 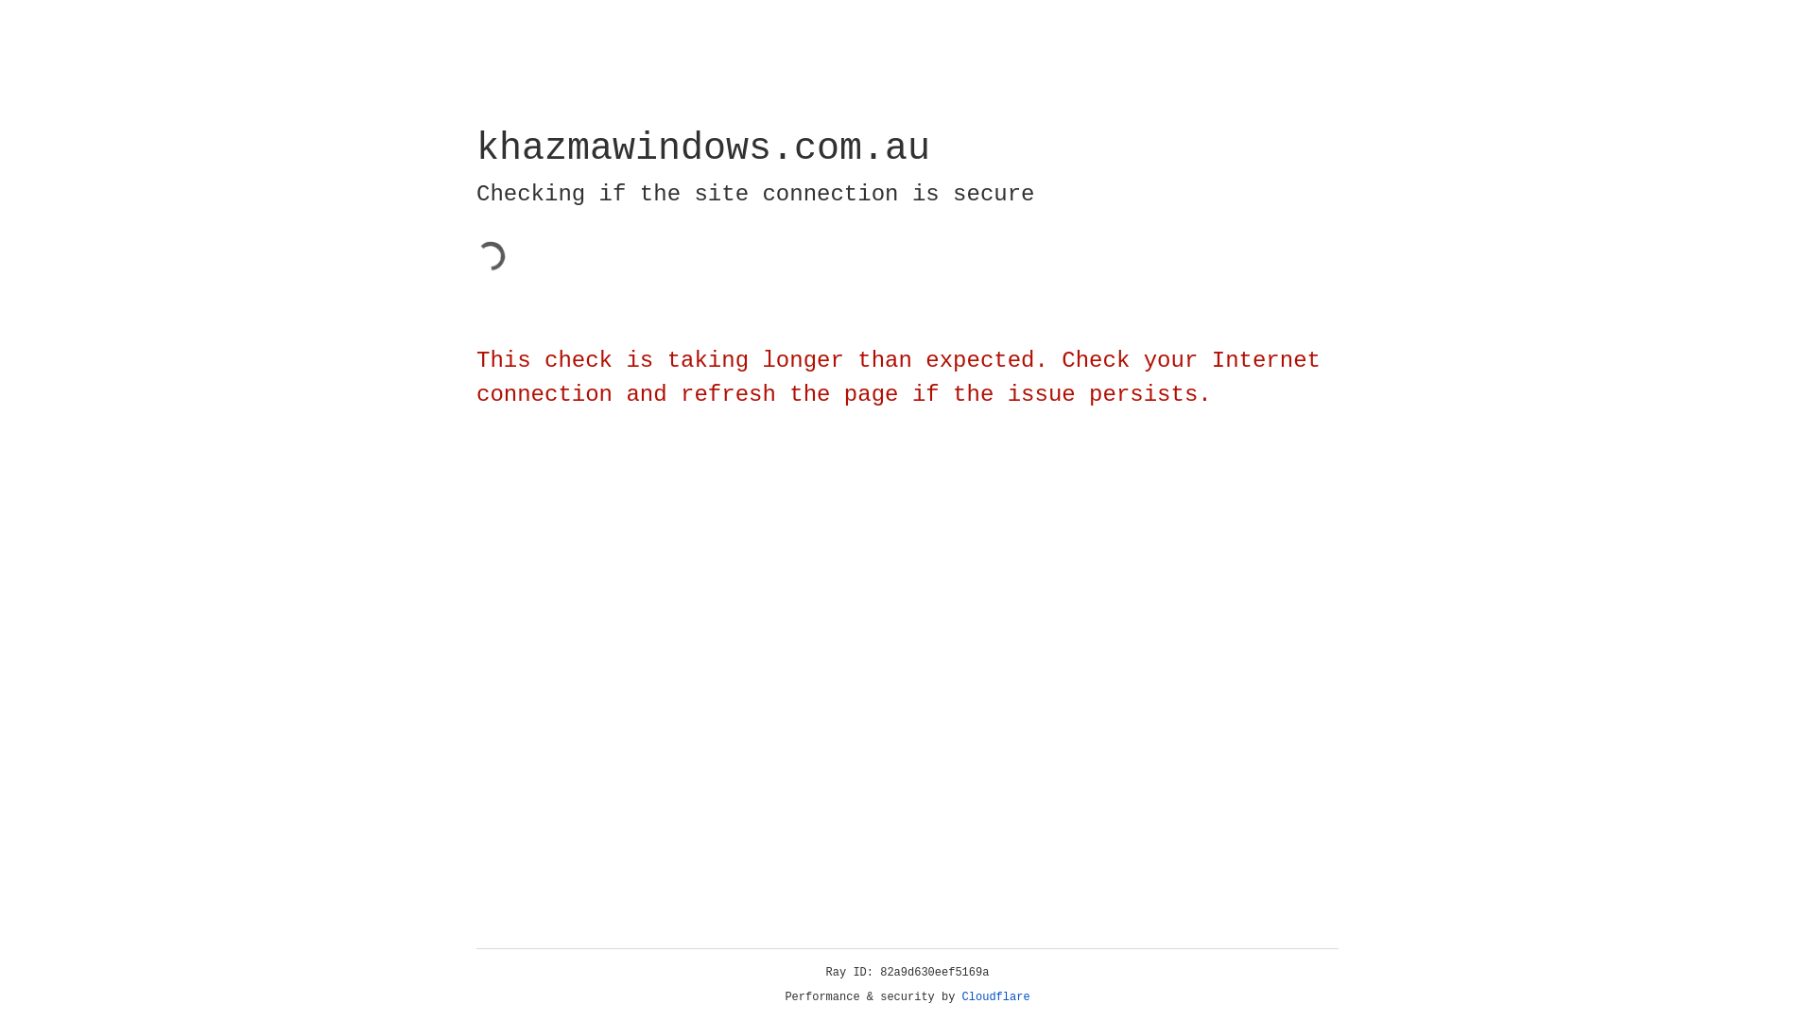 I want to click on 'Cloudflare', so click(x=995, y=996).